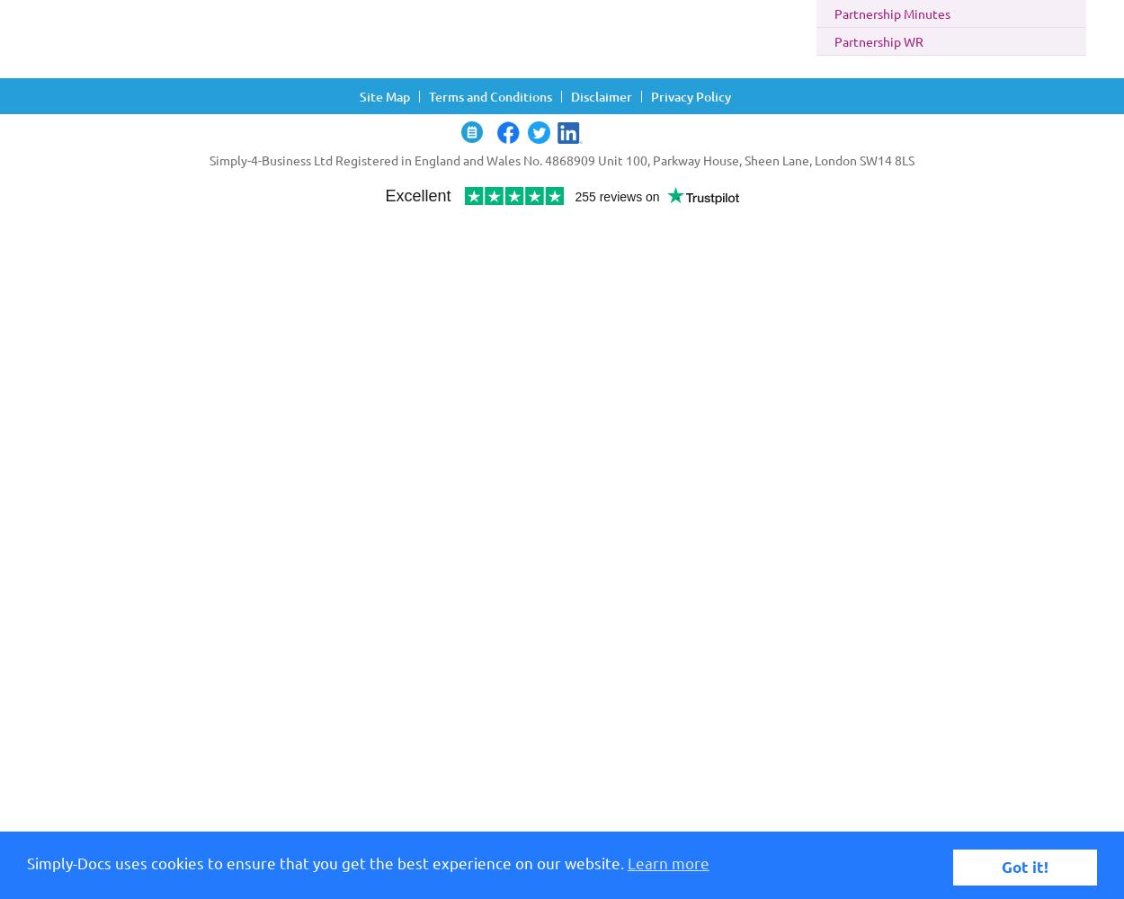 This screenshot has width=1124, height=899. Describe the element at coordinates (691, 95) in the screenshot. I see `'Privacy Policy'` at that location.